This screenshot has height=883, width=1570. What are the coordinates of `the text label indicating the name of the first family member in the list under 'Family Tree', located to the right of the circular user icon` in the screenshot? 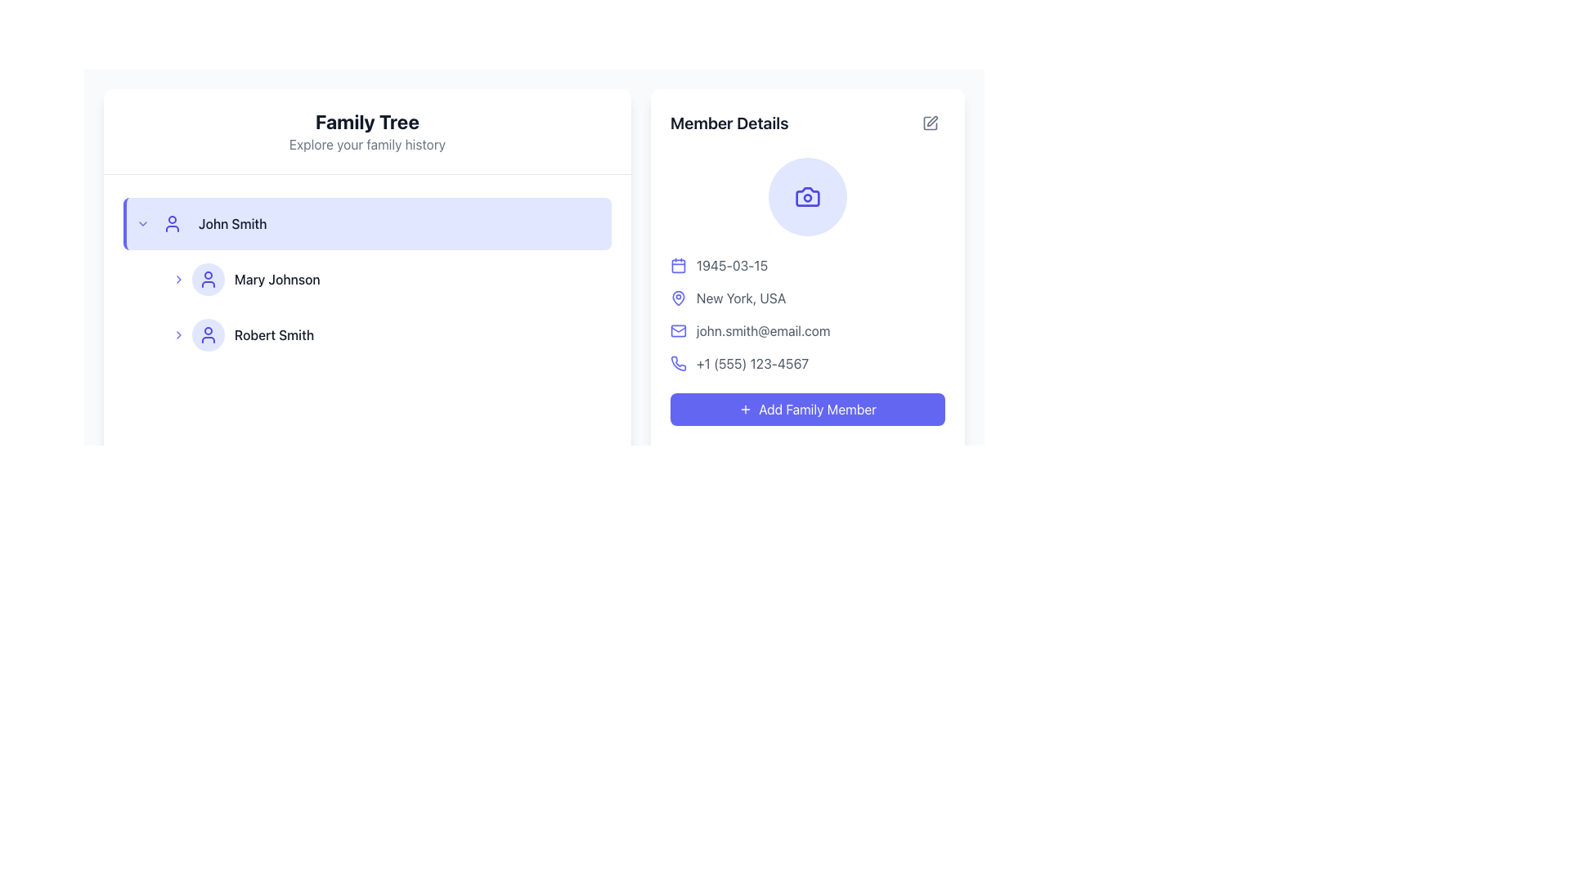 It's located at (231, 223).